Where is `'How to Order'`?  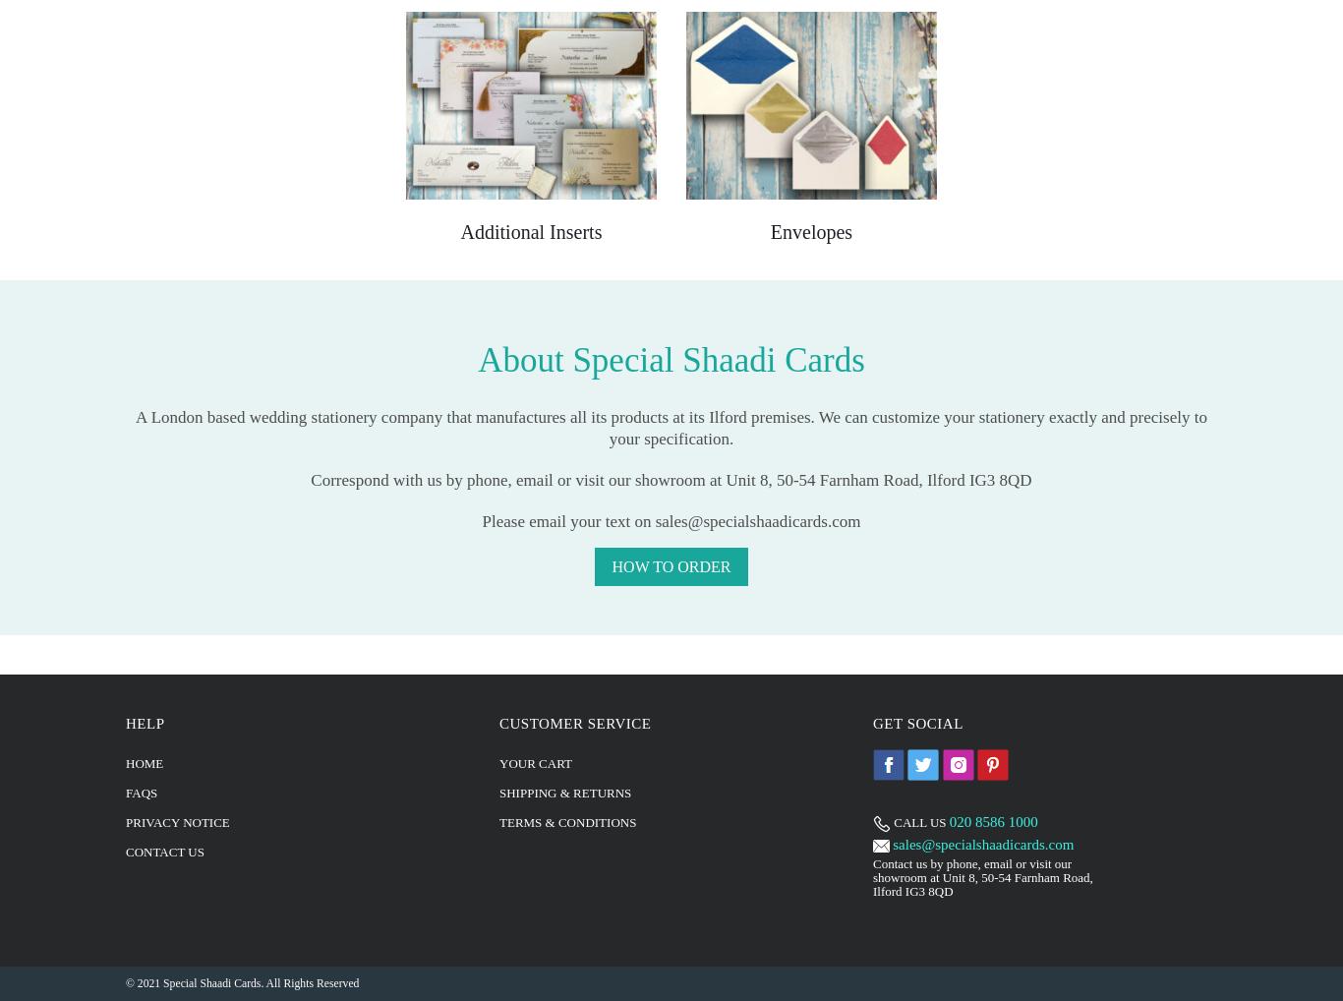
'How to Order' is located at coordinates (670, 565).